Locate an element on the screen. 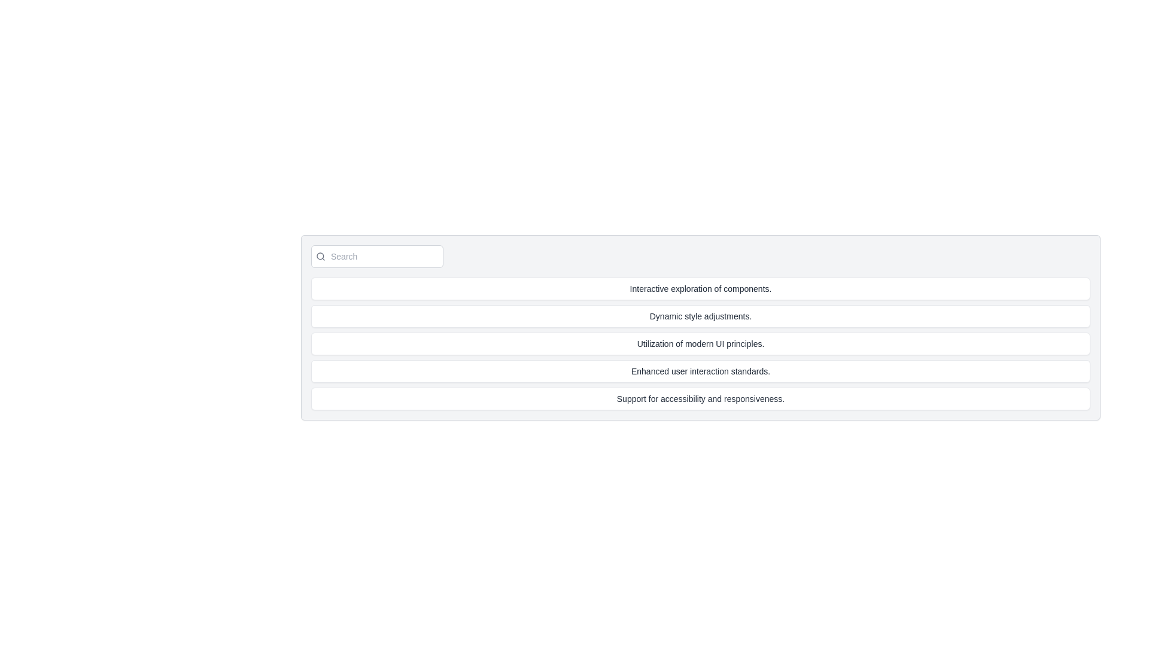 The width and height of the screenshot is (1149, 646). the letter 'i' in the text 'Support for accessibility and responsiveness.' which is the 39th character in this phrase located in the fifth row of a vertically aligned list is located at coordinates (694, 399).